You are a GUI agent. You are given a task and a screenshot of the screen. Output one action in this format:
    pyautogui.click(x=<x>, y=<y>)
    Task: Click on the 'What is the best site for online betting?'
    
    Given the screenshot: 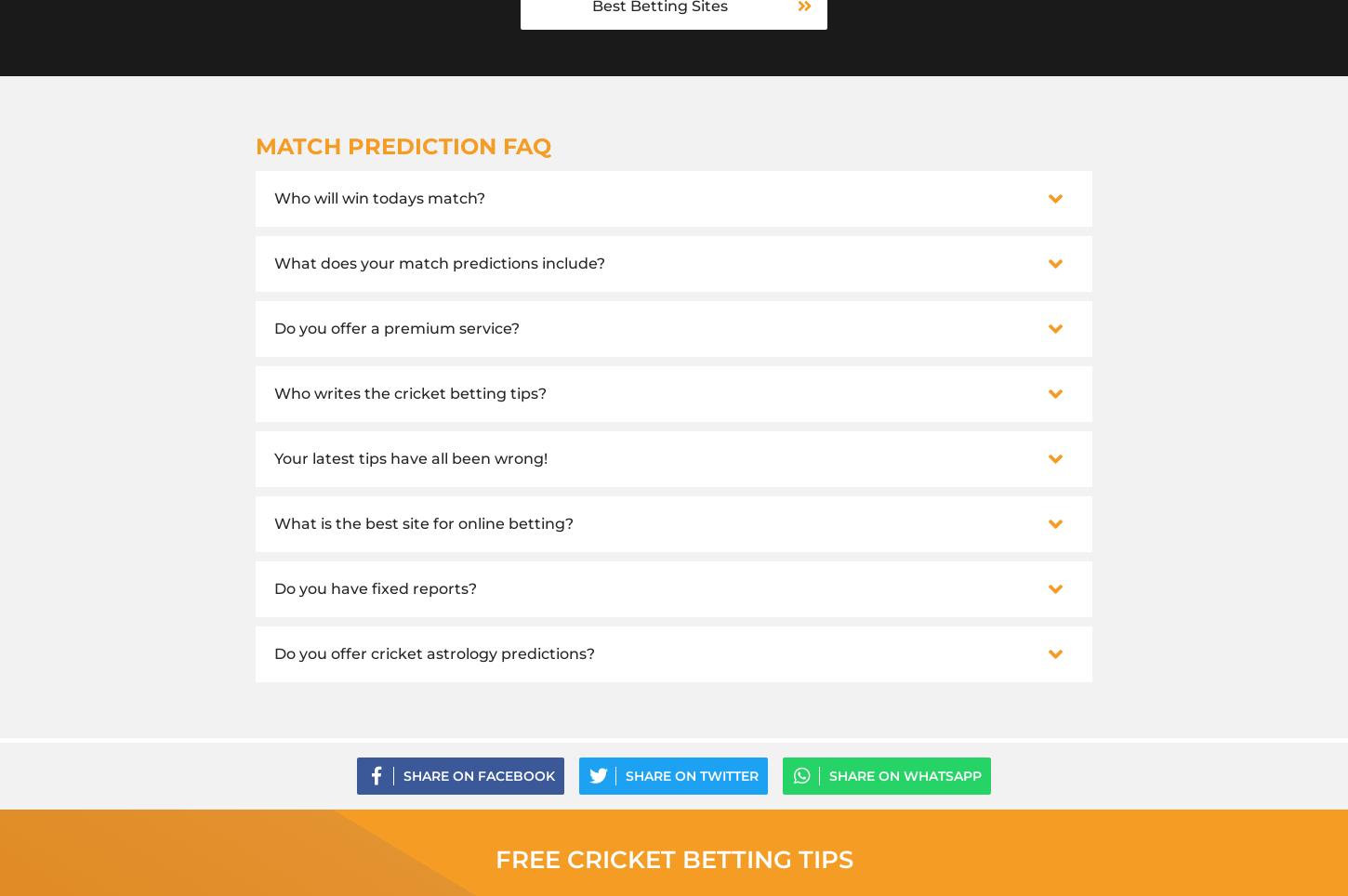 What is the action you would take?
    pyautogui.click(x=423, y=522)
    